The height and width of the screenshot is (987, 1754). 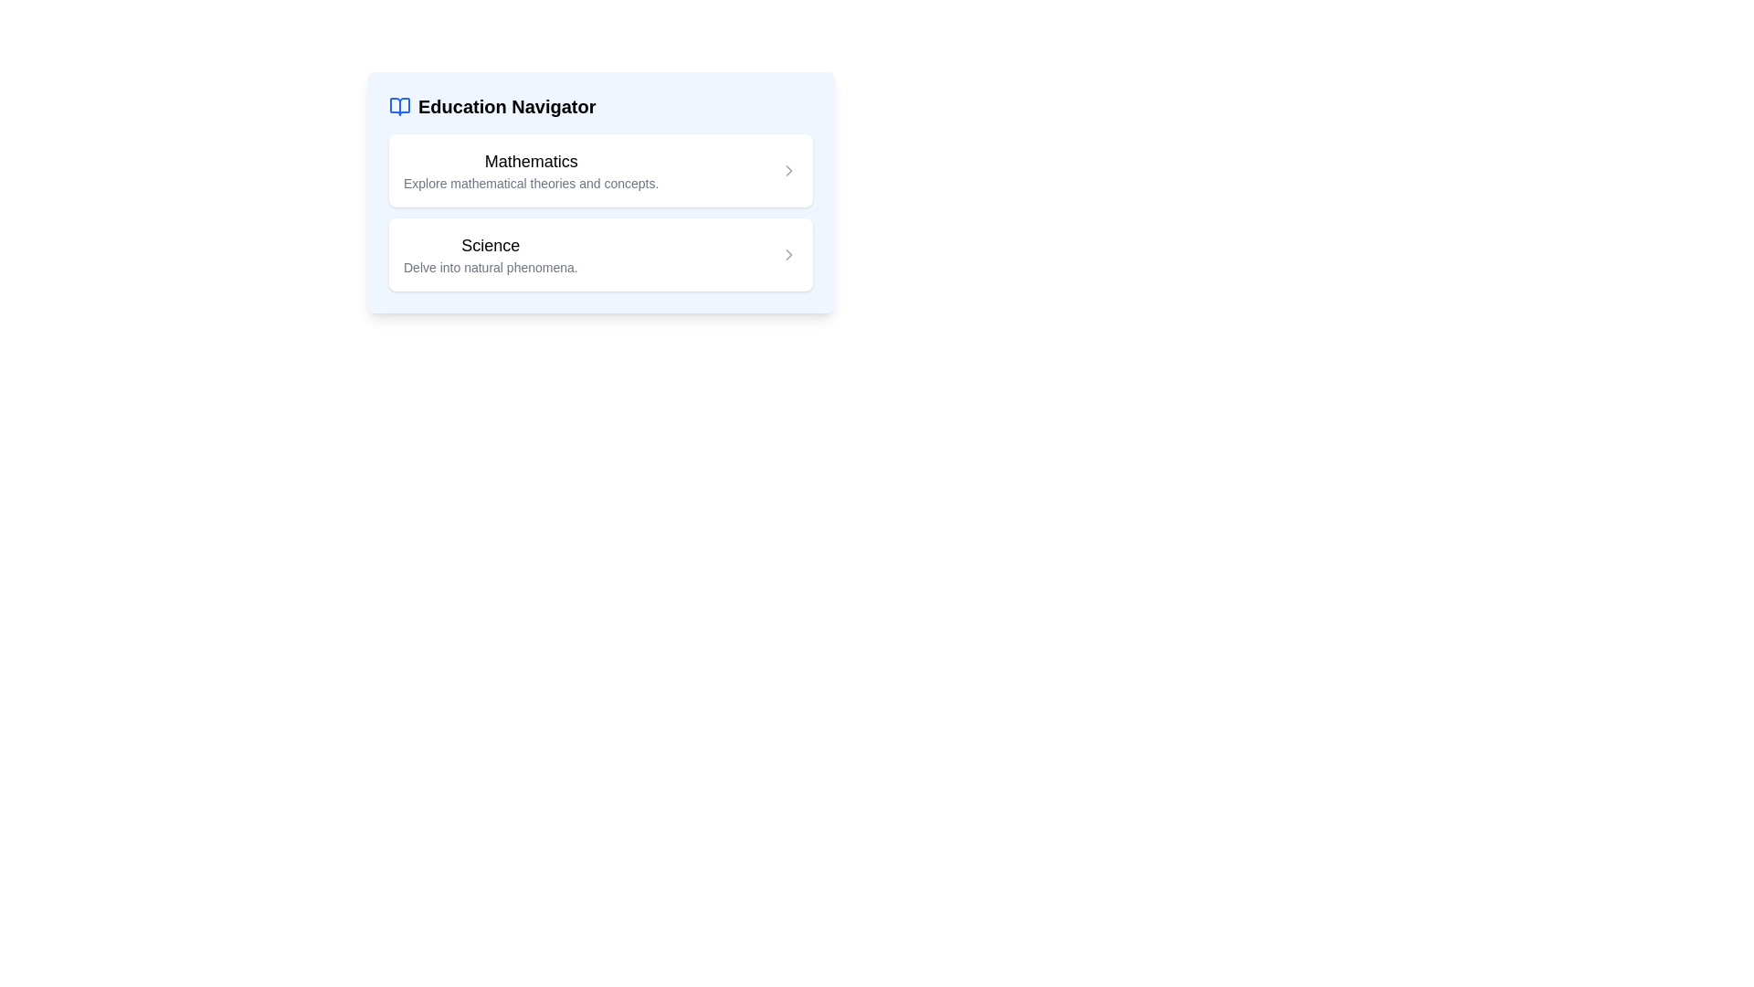 I want to click on the Chevron/navigation icon located at the top of the interface, which is the last visual component within the box labeled 'Mathematics', so click(x=789, y=170).